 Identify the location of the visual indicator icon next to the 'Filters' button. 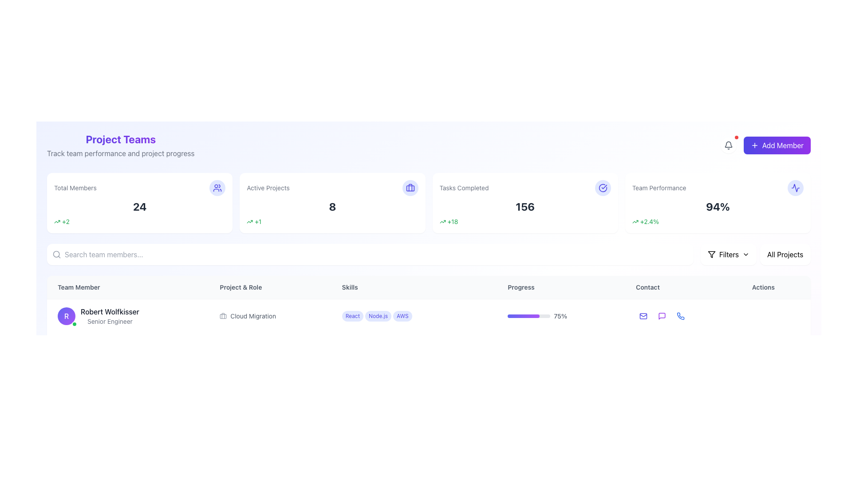
(745, 255).